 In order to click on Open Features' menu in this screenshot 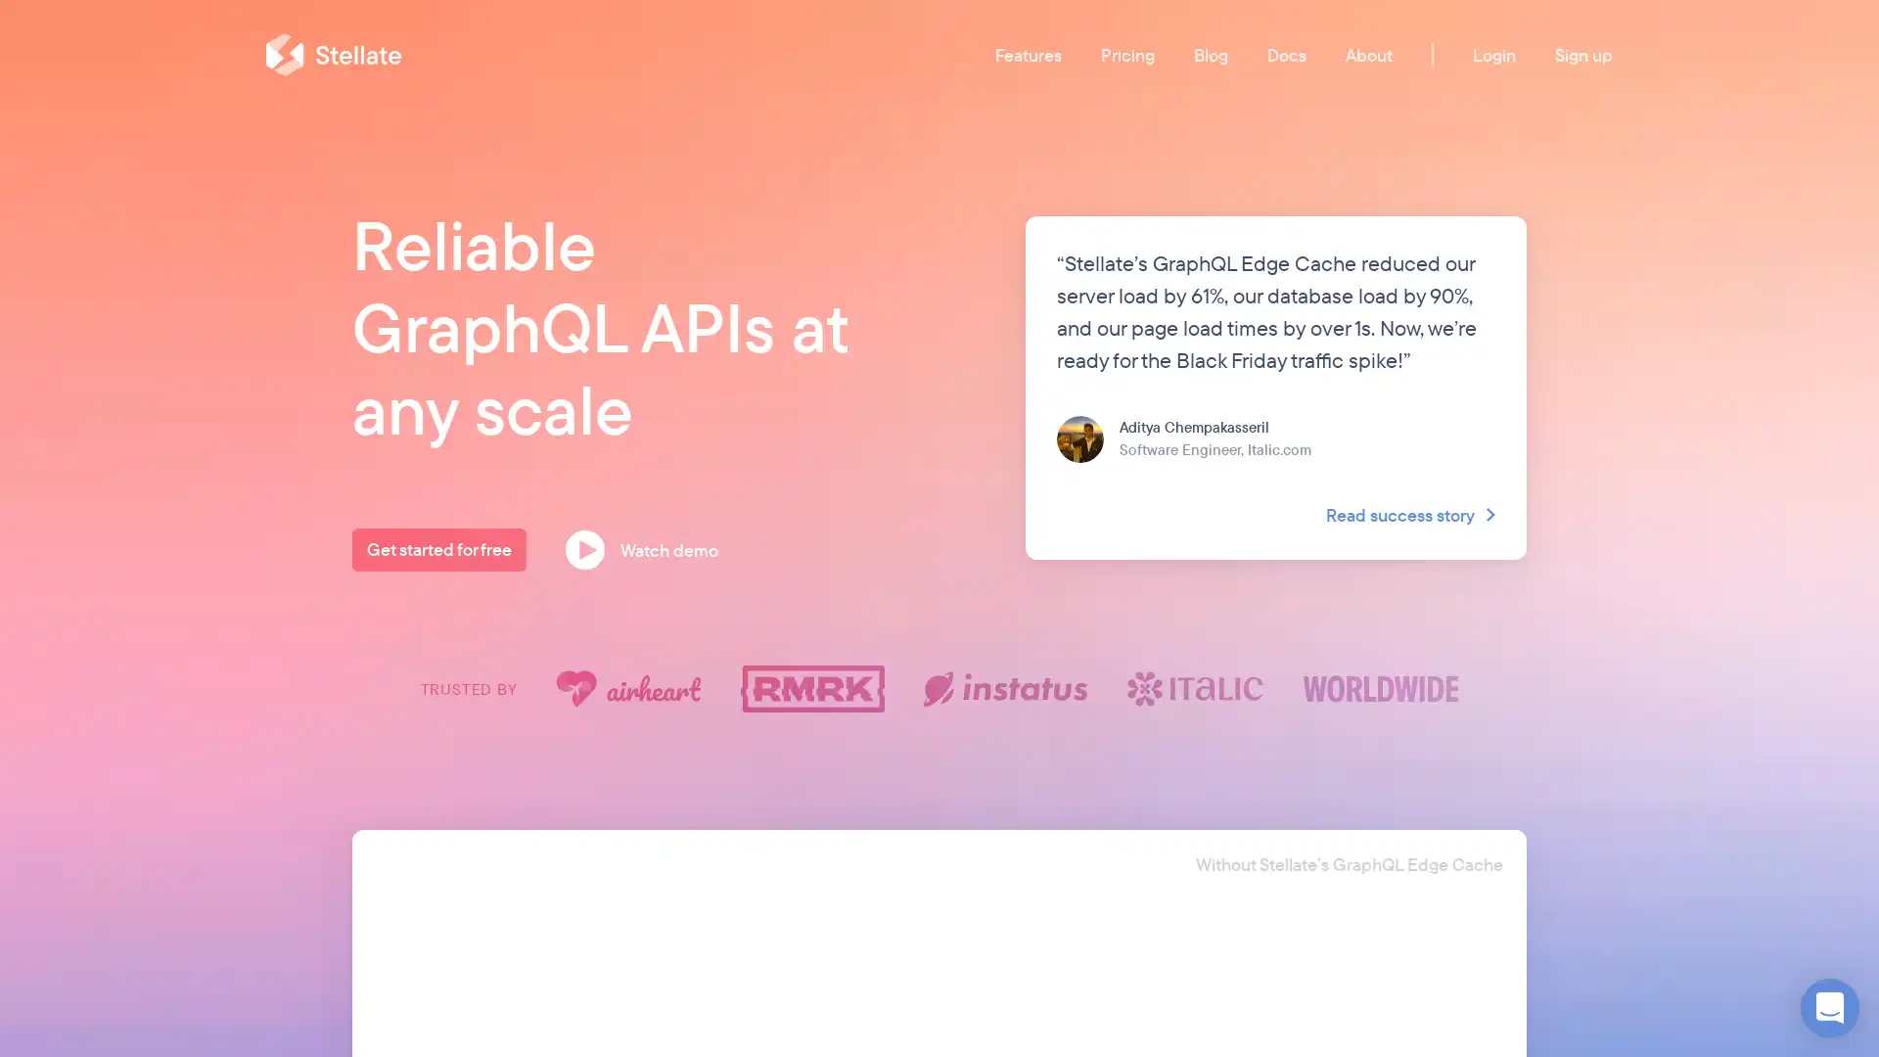, I will do `click(1028, 53)`.